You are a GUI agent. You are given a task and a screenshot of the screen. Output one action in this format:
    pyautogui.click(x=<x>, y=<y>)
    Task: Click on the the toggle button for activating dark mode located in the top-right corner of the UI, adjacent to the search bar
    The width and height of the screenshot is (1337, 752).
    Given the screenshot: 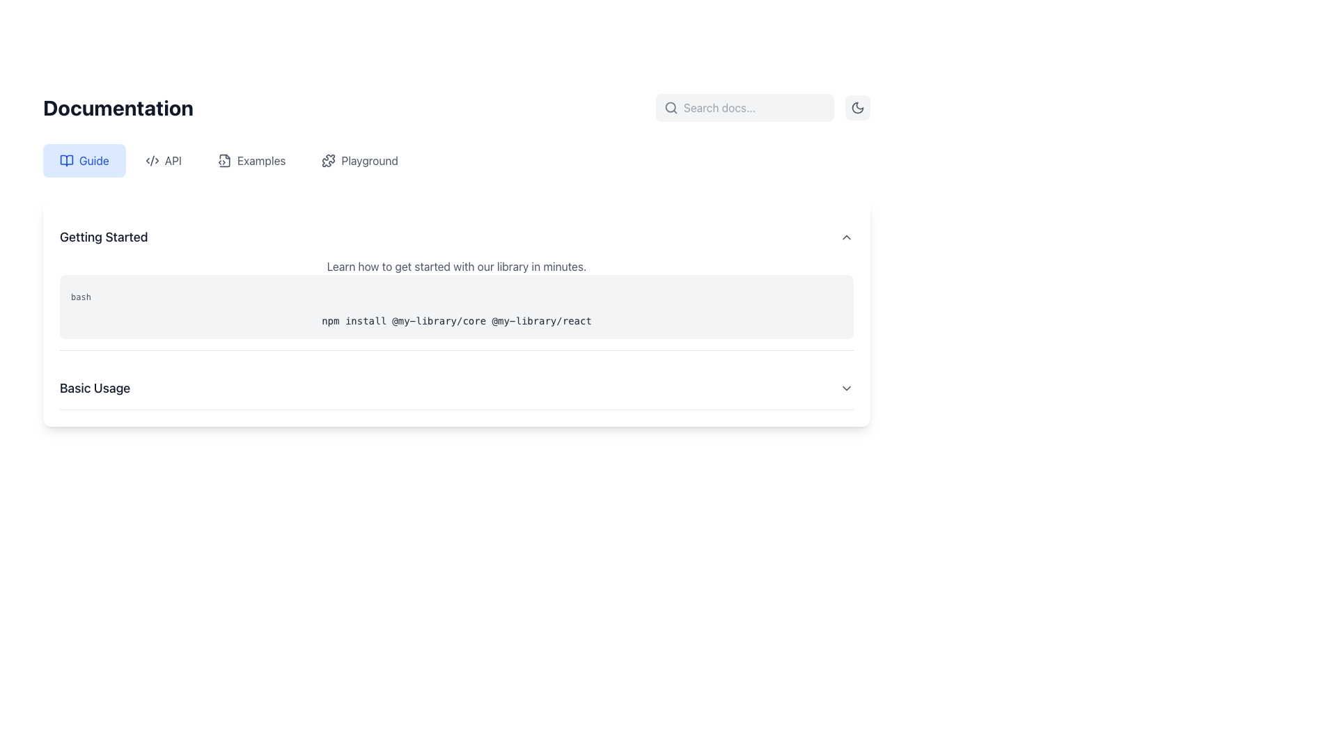 What is the action you would take?
    pyautogui.click(x=857, y=107)
    